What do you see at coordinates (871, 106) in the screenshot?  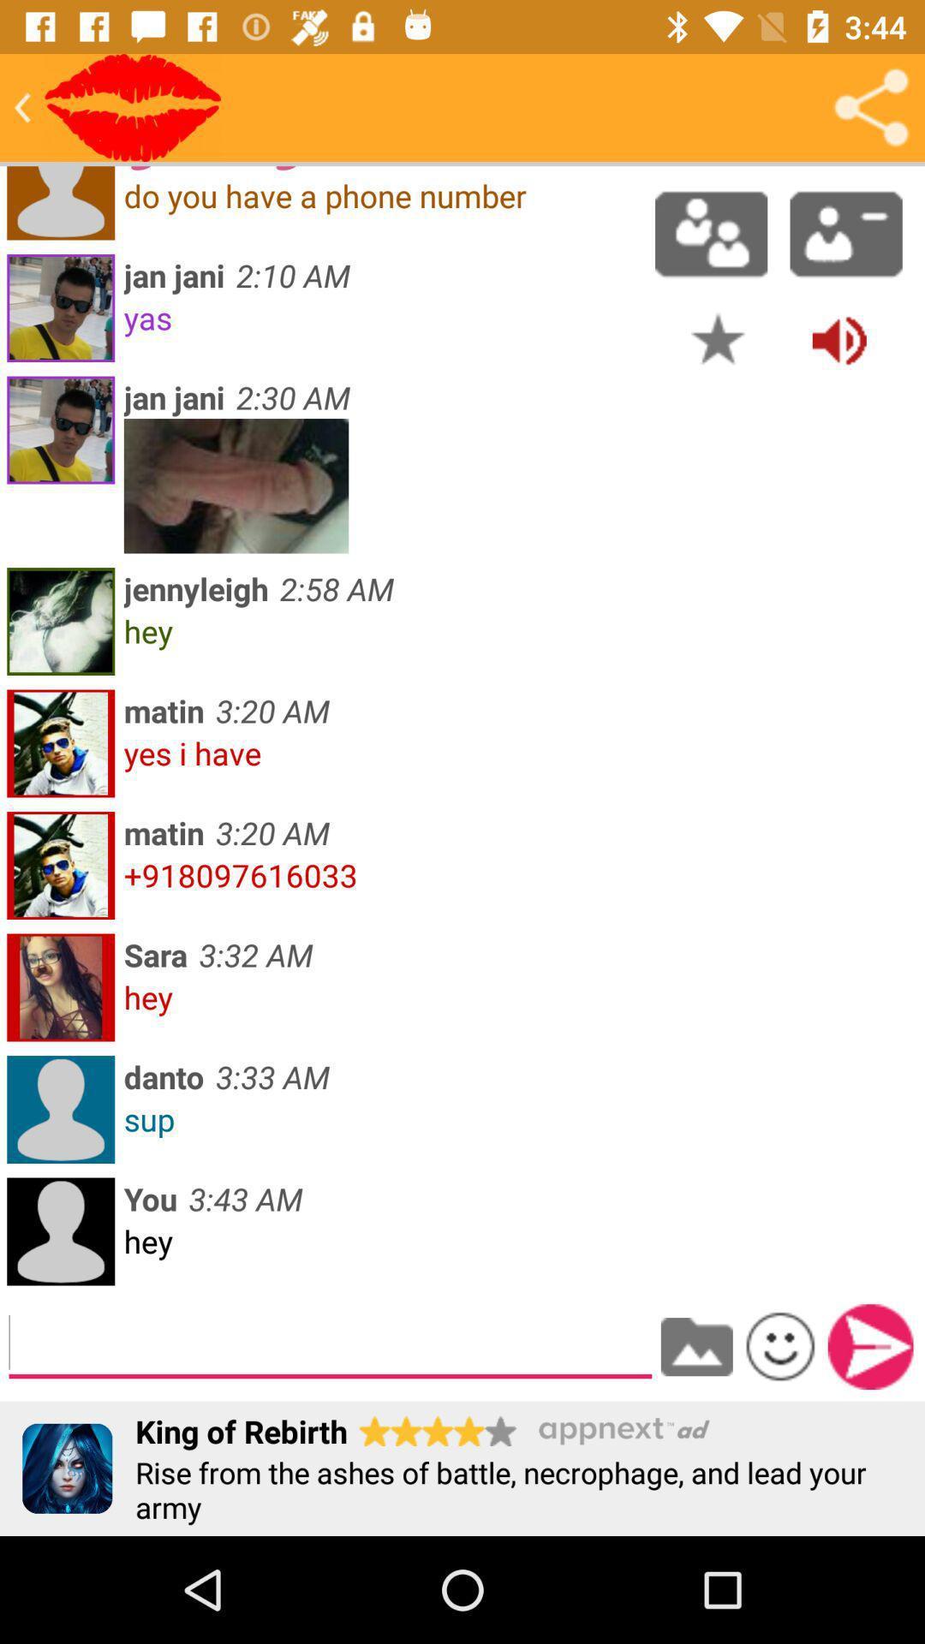 I see `share` at bounding box center [871, 106].